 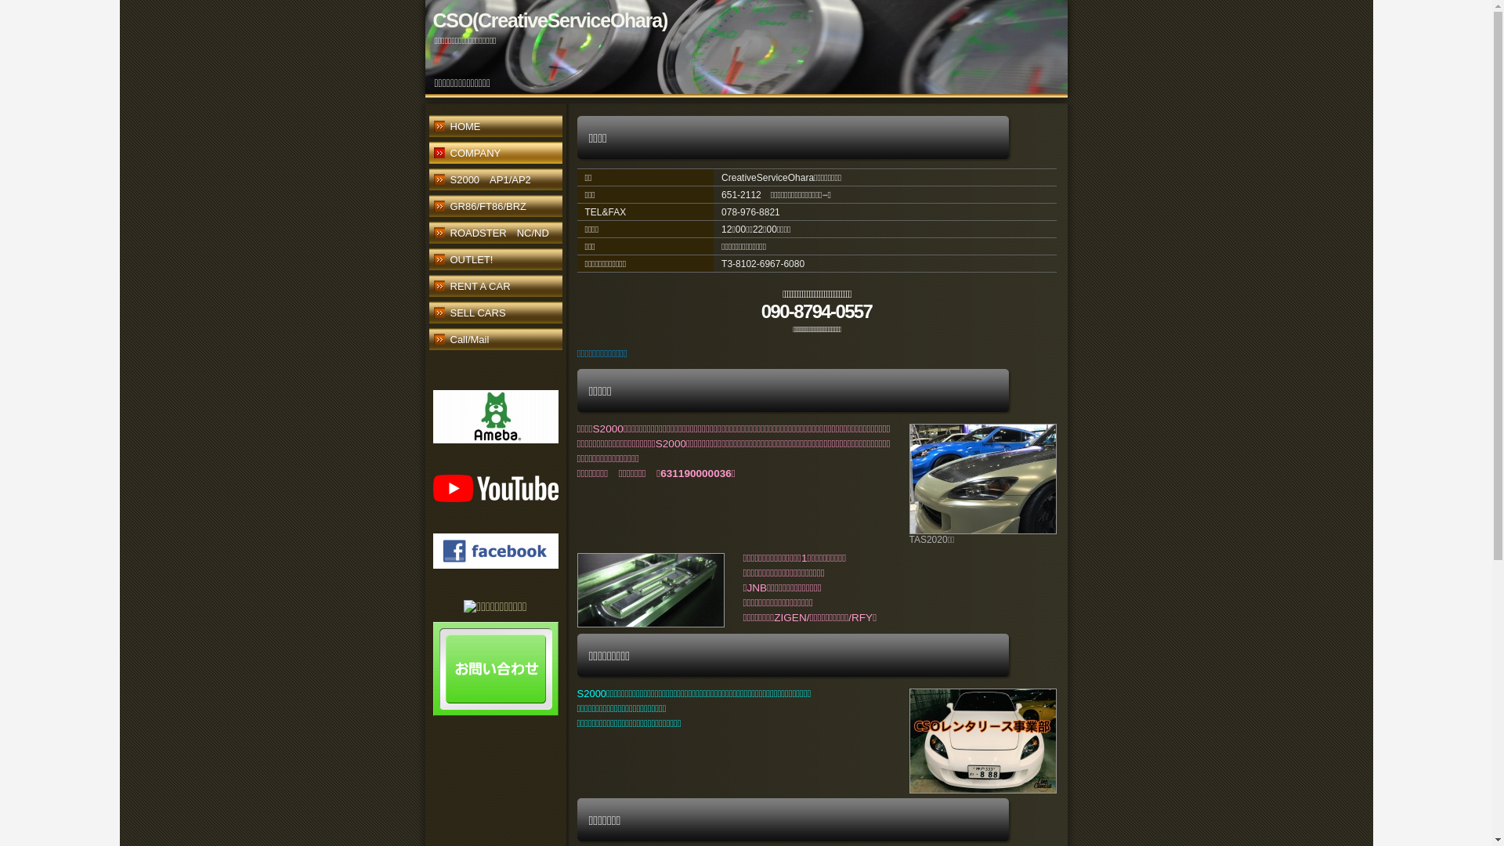 I want to click on 'GR86/FT86/BRZ', so click(x=494, y=208).